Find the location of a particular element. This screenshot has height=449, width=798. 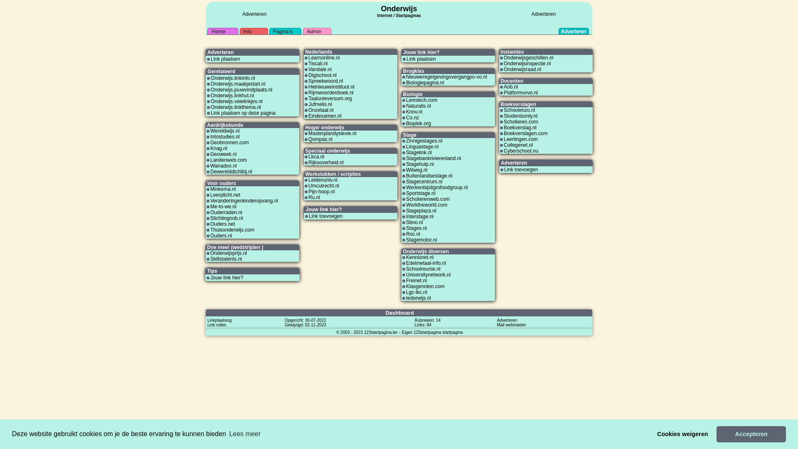

'Intostudies.nl' is located at coordinates (225, 136).